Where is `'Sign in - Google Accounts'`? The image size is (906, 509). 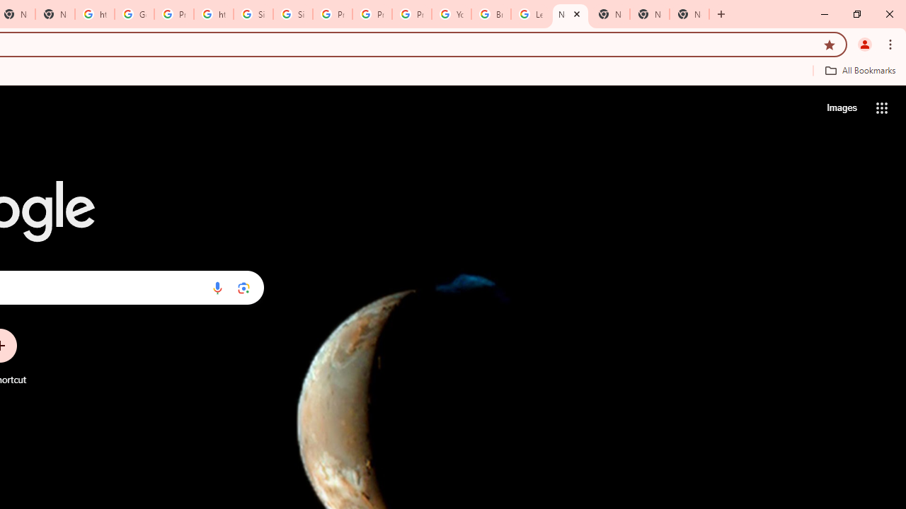
'Sign in - Google Accounts' is located at coordinates (292, 14).